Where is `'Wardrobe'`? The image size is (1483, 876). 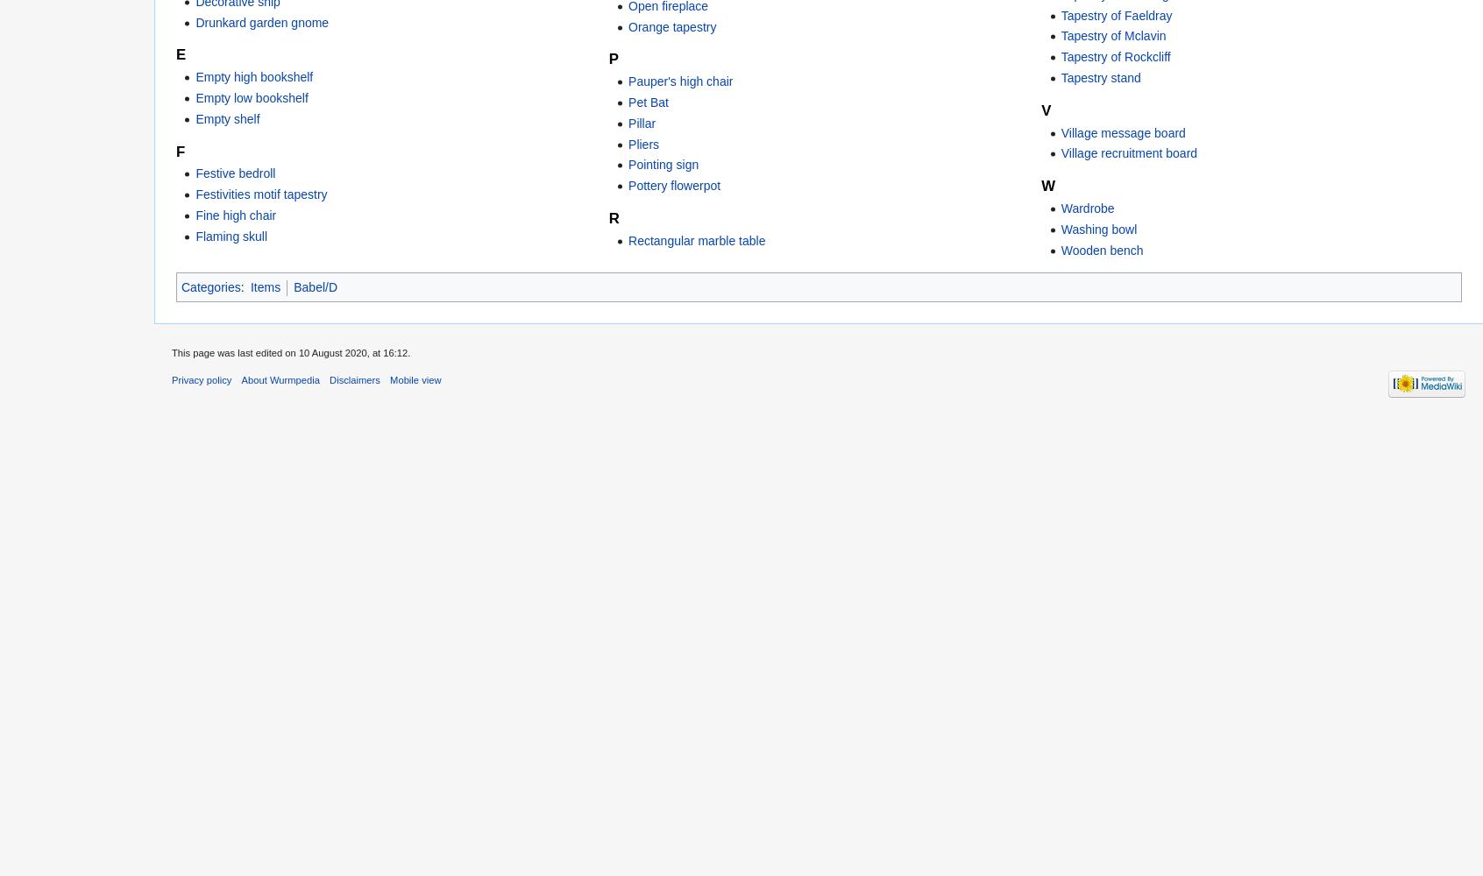 'Wardrobe' is located at coordinates (1060, 208).